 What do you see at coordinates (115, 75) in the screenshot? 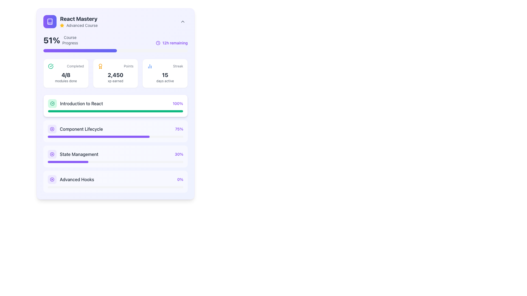
I see `the numerical value indicating the total points earned, which is located in a white card at the top center of the interface, below the title 'Points' and beside an orange award icon` at bounding box center [115, 75].